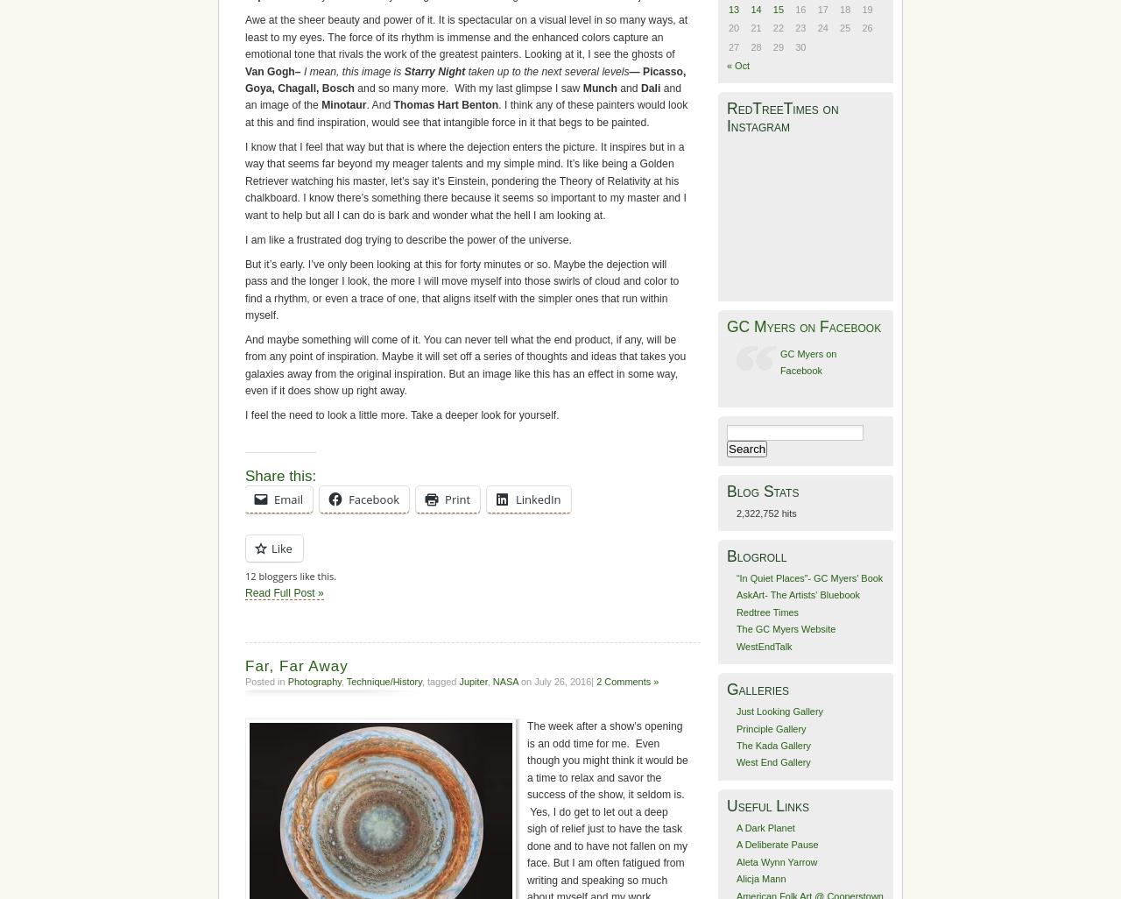 The height and width of the screenshot is (899, 1121). Describe the element at coordinates (462, 96) in the screenshot. I see `'and an image of the'` at that location.